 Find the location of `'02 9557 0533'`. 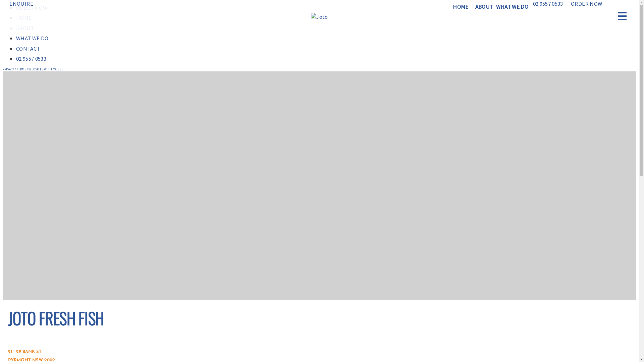

'02 9557 0533' is located at coordinates (31, 58).